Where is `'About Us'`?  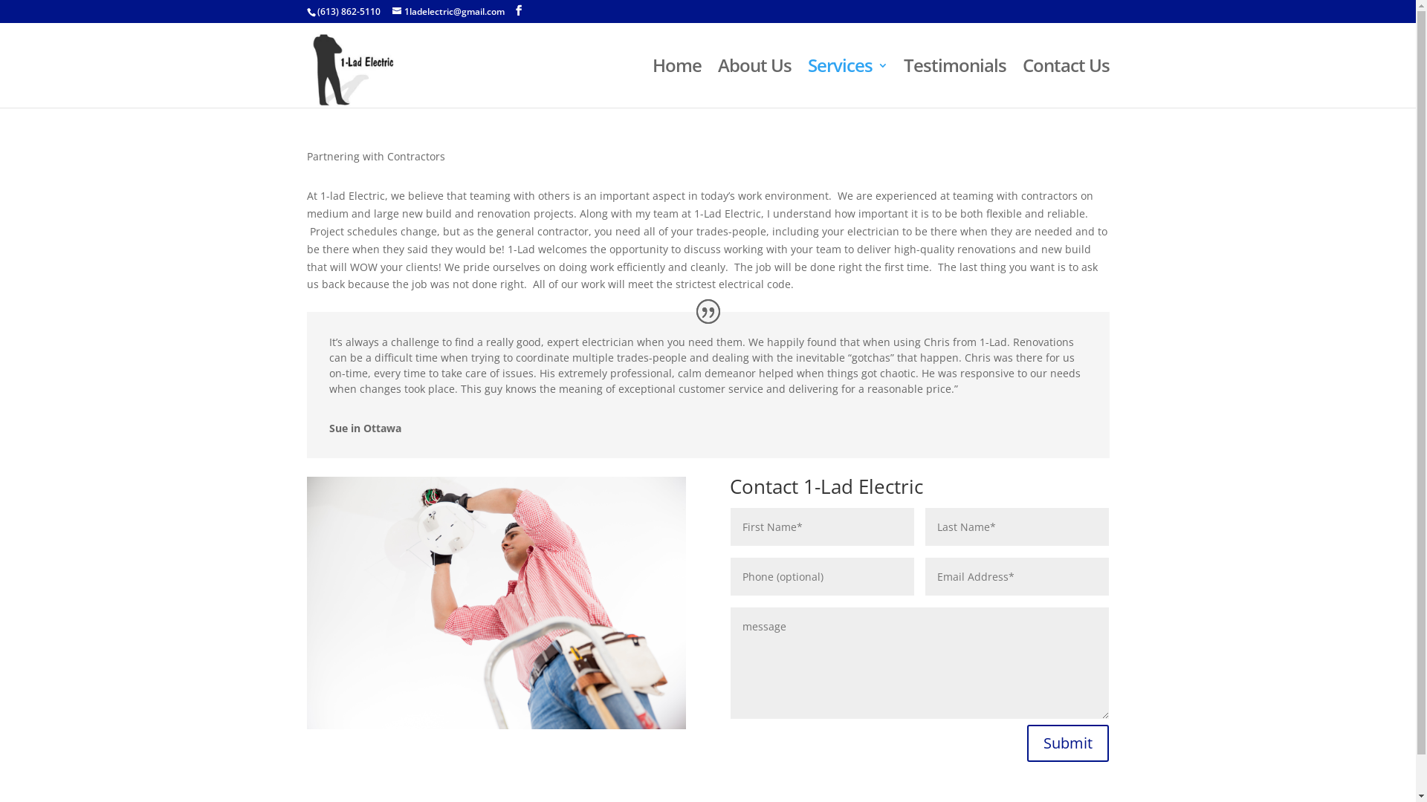
'About Us' is located at coordinates (754, 83).